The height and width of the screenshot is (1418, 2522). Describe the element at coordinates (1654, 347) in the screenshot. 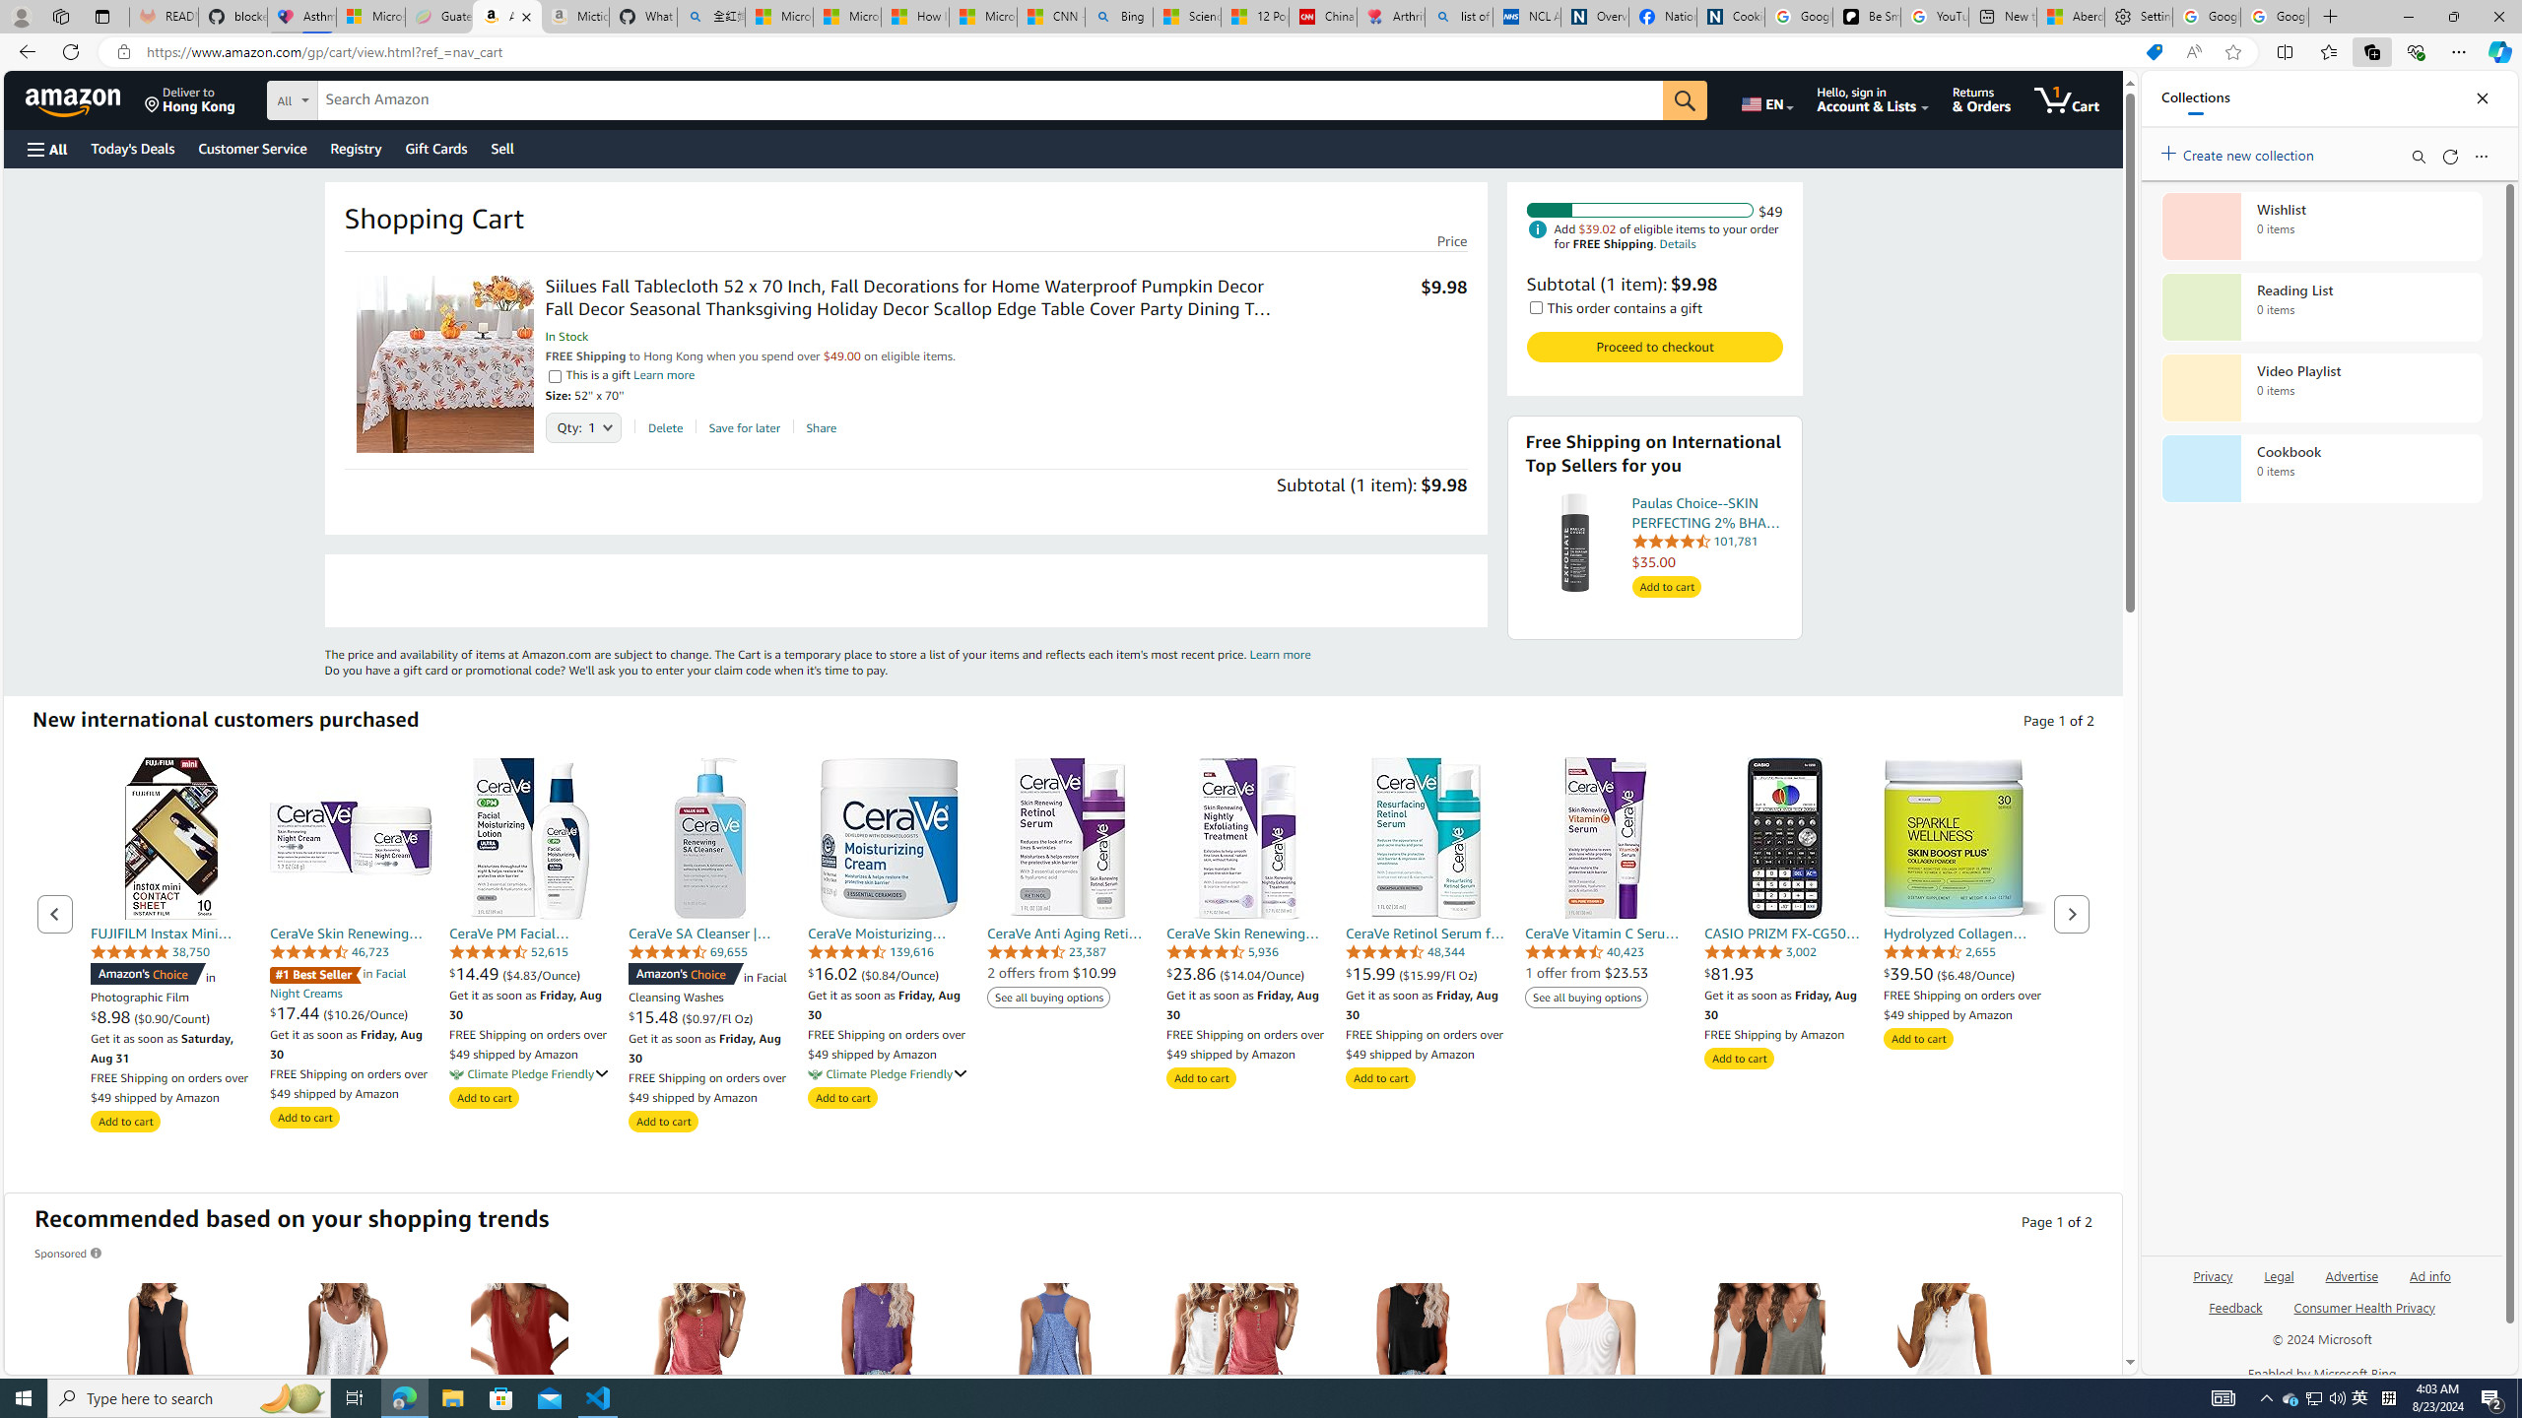

I see `'Proceed to checkout Check out Amazon Cart '` at that location.